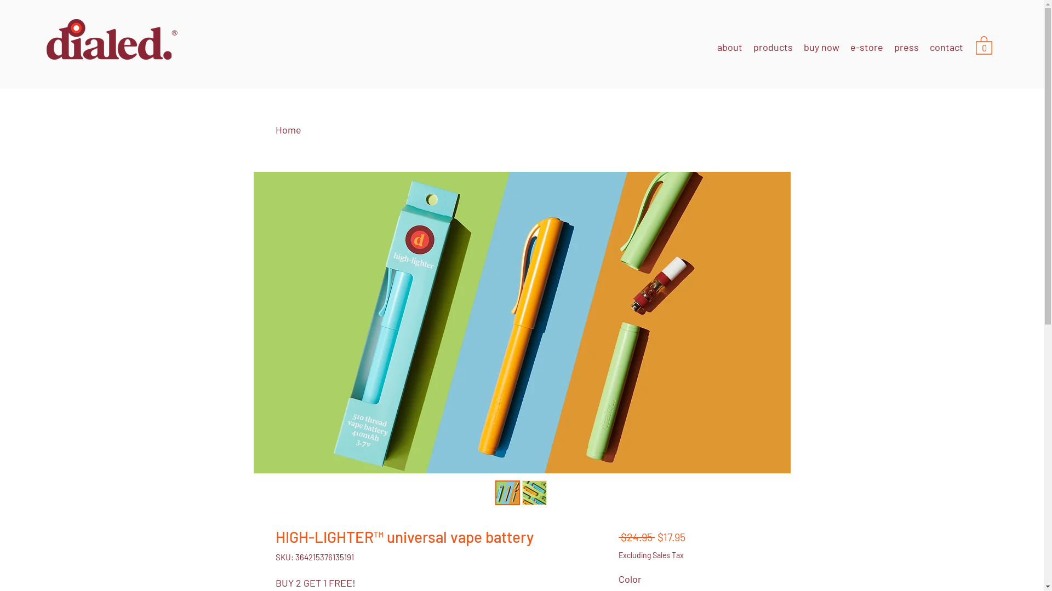 The height and width of the screenshot is (591, 1052). What do you see at coordinates (275, 129) in the screenshot?
I see `'Home'` at bounding box center [275, 129].